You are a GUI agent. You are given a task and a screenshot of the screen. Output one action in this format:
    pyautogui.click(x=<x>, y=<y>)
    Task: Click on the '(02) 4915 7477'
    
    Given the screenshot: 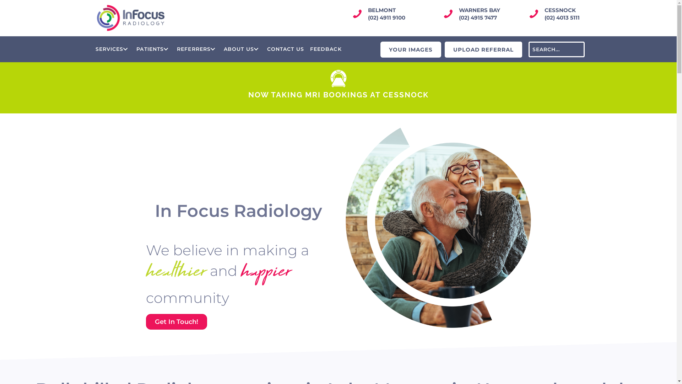 What is the action you would take?
    pyautogui.click(x=478, y=17)
    